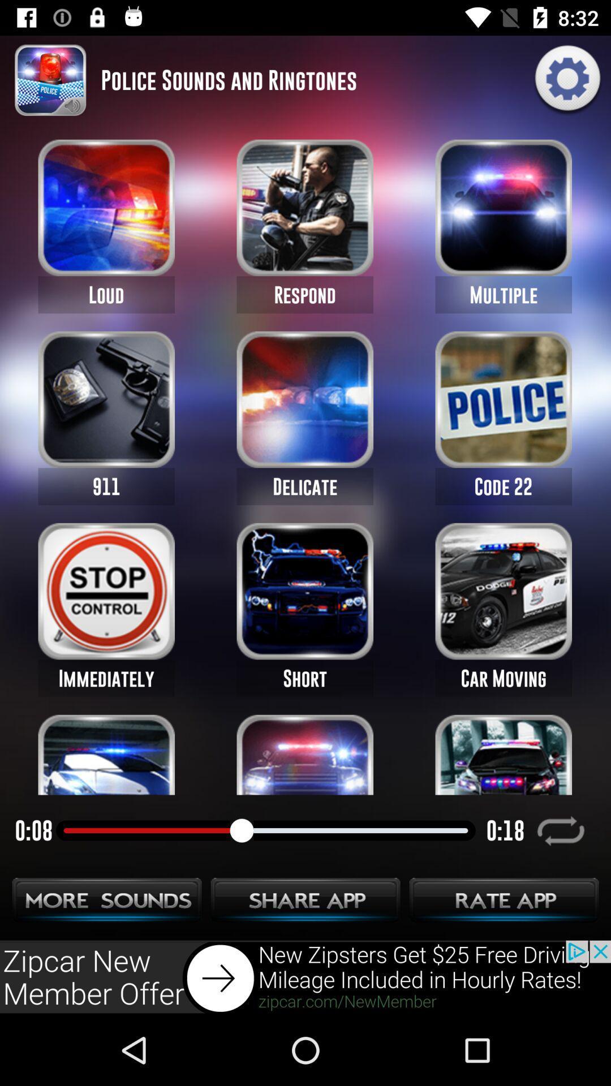  What do you see at coordinates (106, 591) in the screenshot?
I see `the image above immediately` at bounding box center [106, 591].